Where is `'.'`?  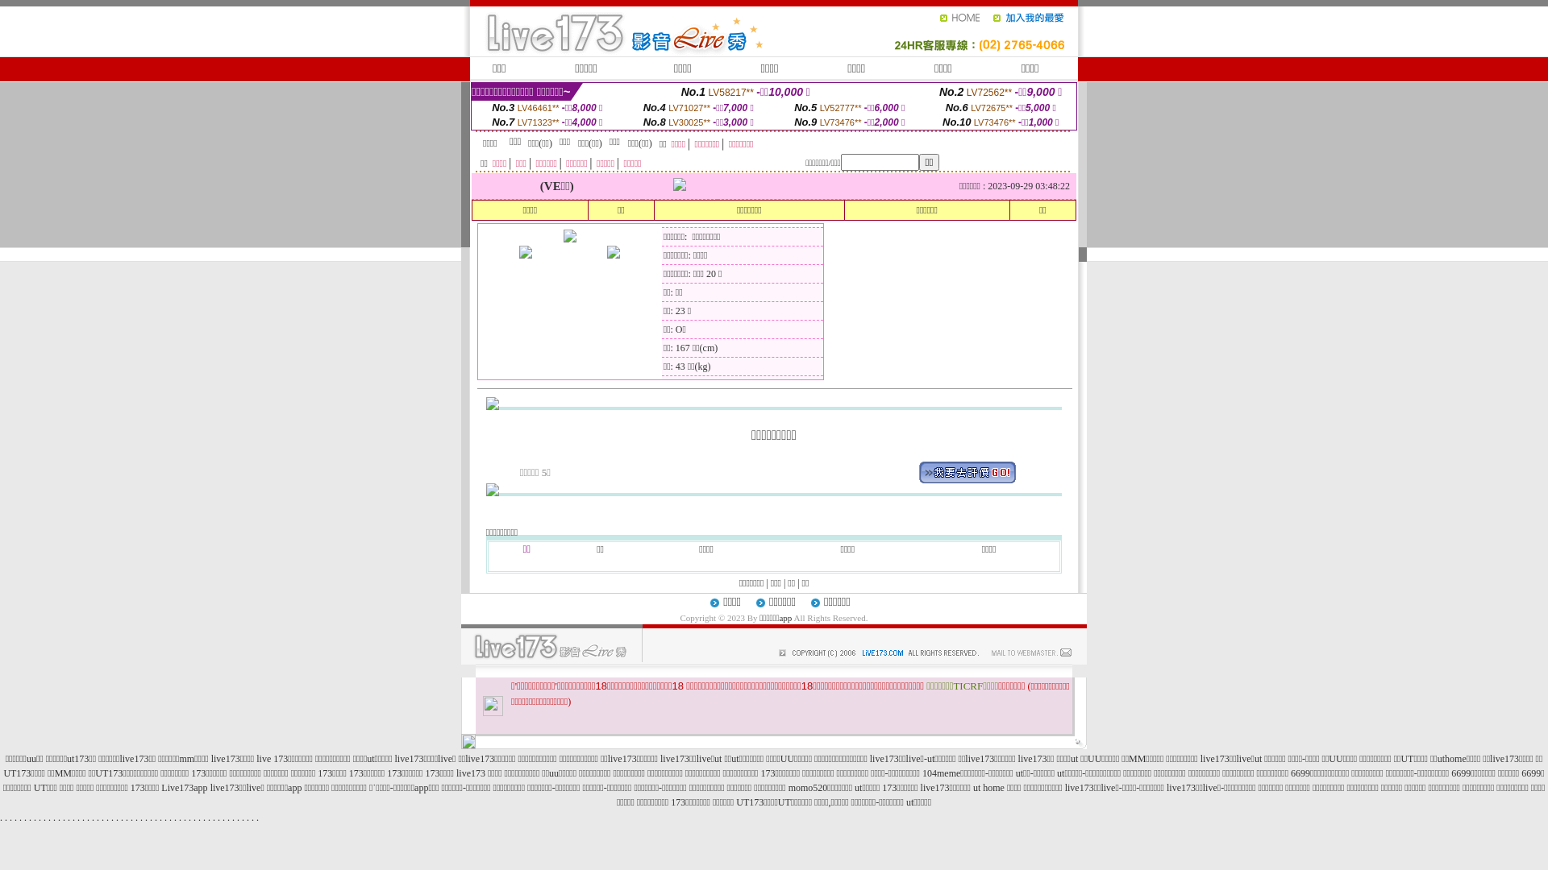
'.' is located at coordinates (121, 817).